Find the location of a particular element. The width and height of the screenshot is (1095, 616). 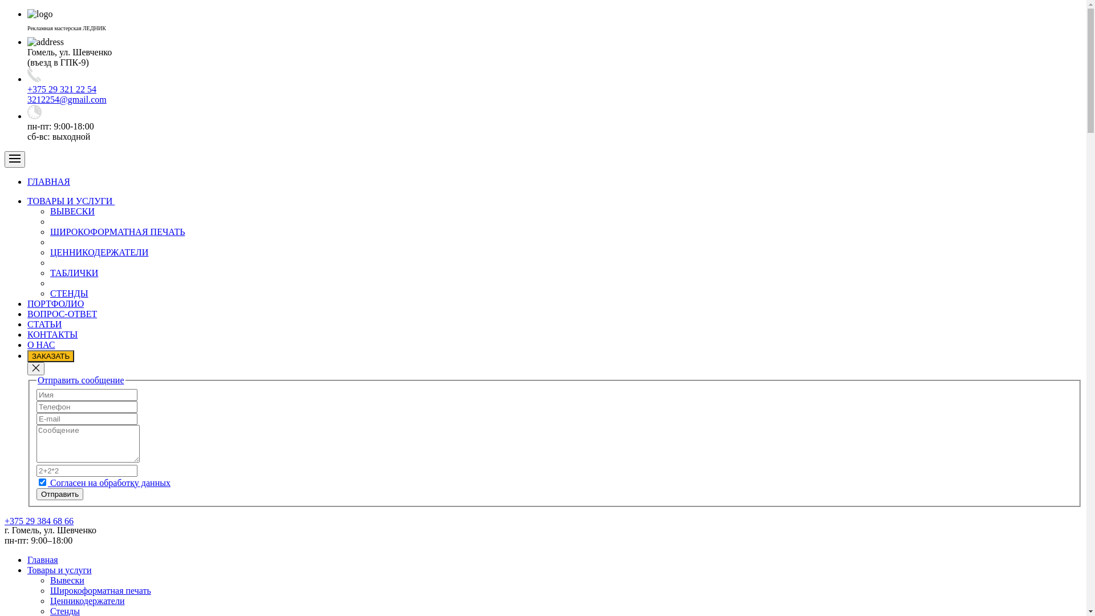

'+375 29 321 22 54' is located at coordinates (61, 88).